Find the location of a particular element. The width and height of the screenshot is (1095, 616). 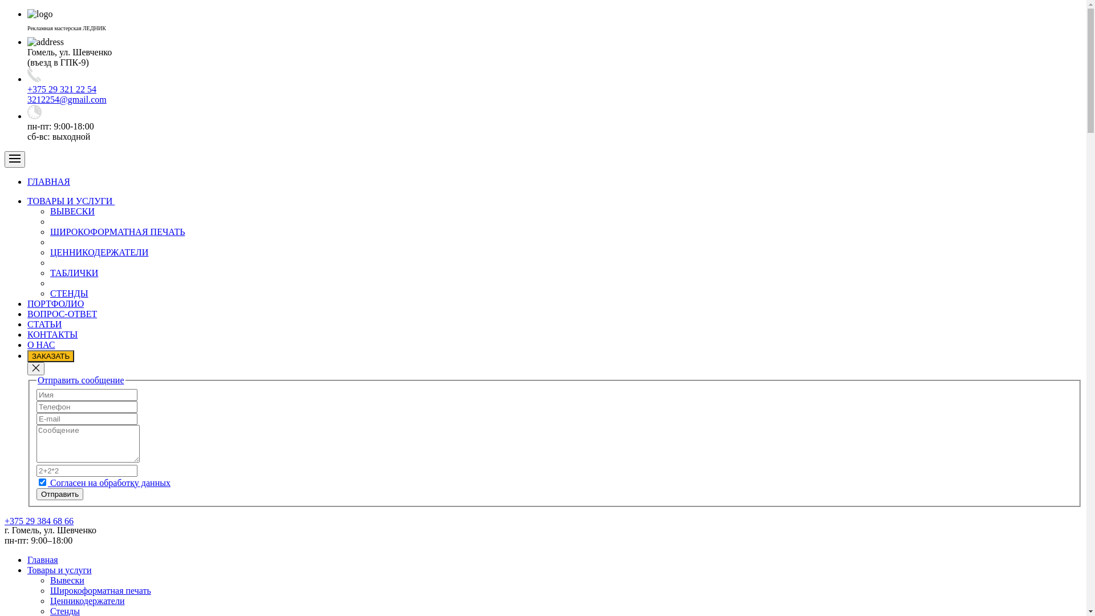

'+375 29 321 22 54' is located at coordinates (61, 88).